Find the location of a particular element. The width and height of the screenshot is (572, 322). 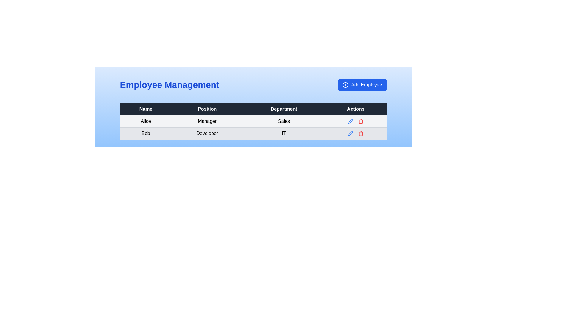

the innermost circular graphic element of the 'Add Employee' button located at the top-right corner of the interface, which resembles a 'plus inside a circle' symbol is located at coordinates (346, 85).